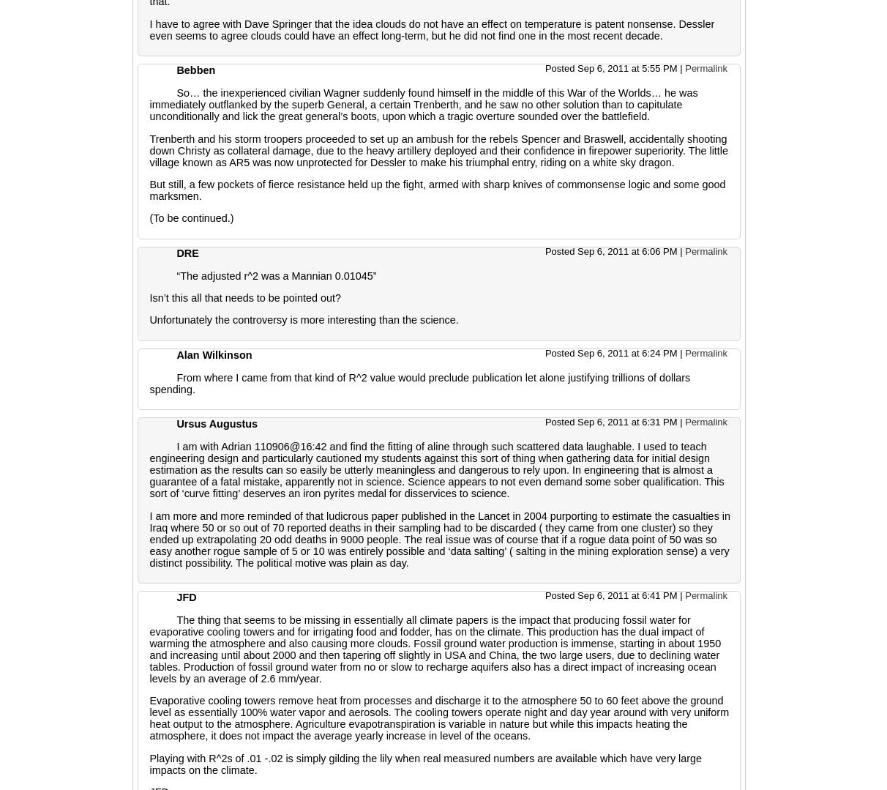  What do you see at coordinates (436, 469) in the screenshot?
I see `'I am with Adrian 110906@16:42 and find the fitting of aline through such scattered data laughable. I used to teach engineering design and particularly cautioned my students against this sort of thing when gathering data for initial design estimation as the results can so easily be utterly meaningless and dangerous to rely upon. In engineering that is almost a guarantee of a fatal mistake, apparently not in science. Science appears to not even demand some sober qualification. This sort of ‘curve fitting’ deserves an iron pyrites medal for disservices to science.'` at bounding box center [436, 469].